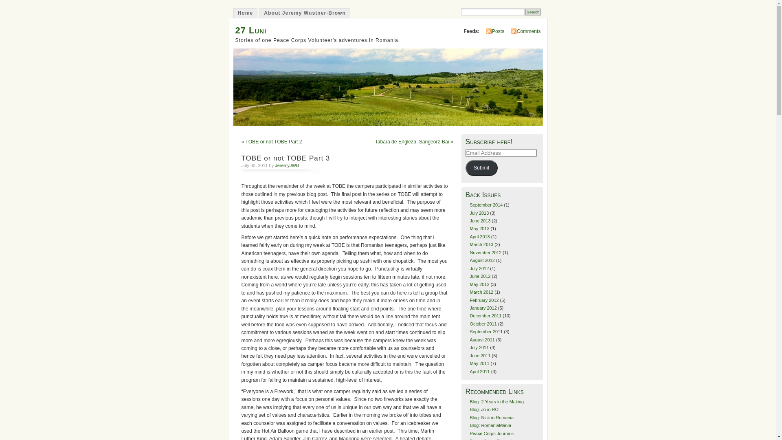 This screenshot has height=440, width=782. What do you see at coordinates (498, 31) in the screenshot?
I see `'Posts'` at bounding box center [498, 31].